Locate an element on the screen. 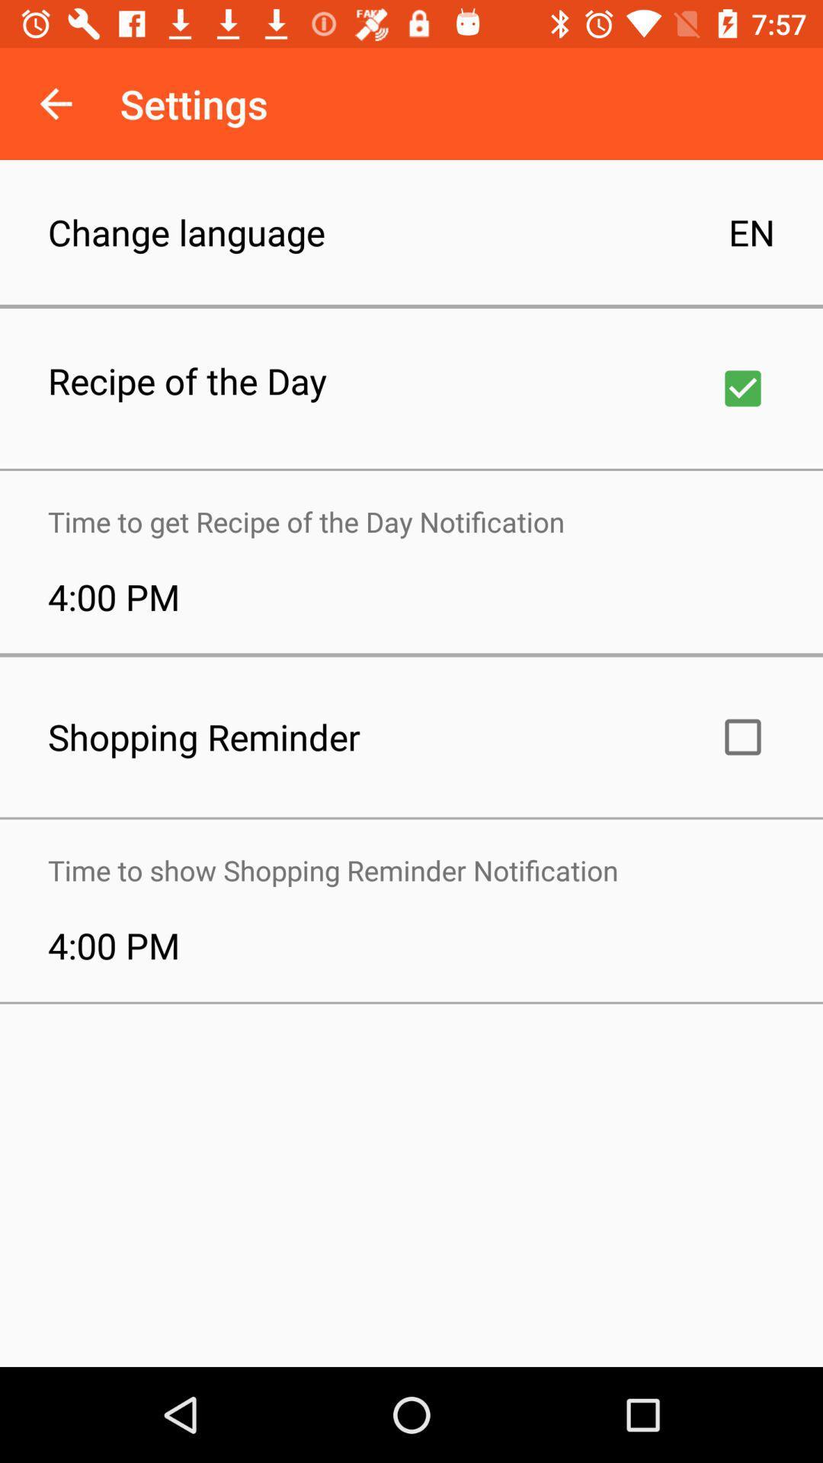 The image size is (823, 1463). the icon above change language icon is located at coordinates (55, 103).